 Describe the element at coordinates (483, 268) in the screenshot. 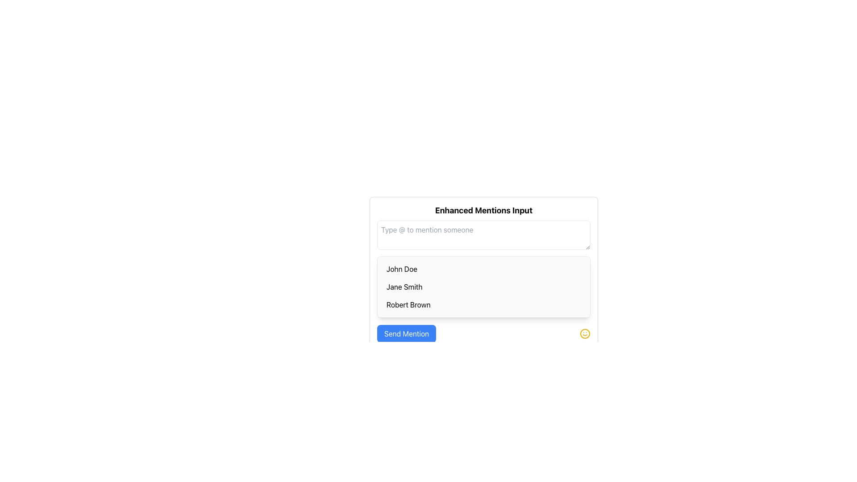

I see `the first entry in the suggestion dropdown list beneath the 'Enhanced Mentions Input' input field` at that location.